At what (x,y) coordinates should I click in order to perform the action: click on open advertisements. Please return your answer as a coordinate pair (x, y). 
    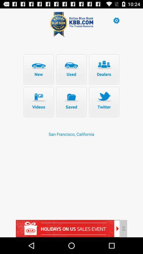
    Looking at the image, I should click on (68, 228).